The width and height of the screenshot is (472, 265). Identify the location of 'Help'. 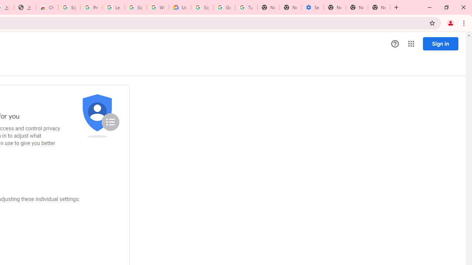
(395, 44).